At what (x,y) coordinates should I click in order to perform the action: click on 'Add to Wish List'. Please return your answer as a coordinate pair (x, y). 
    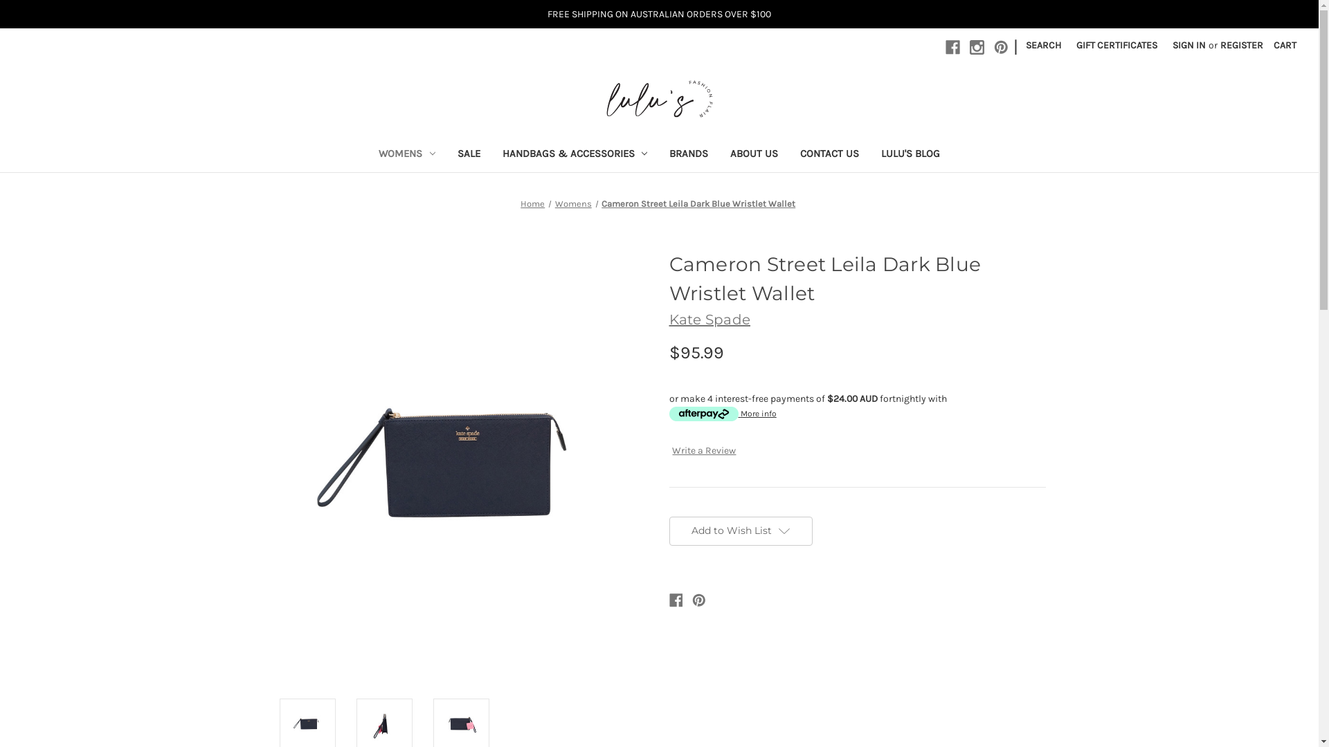
    Looking at the image, I should click on (740, 530).